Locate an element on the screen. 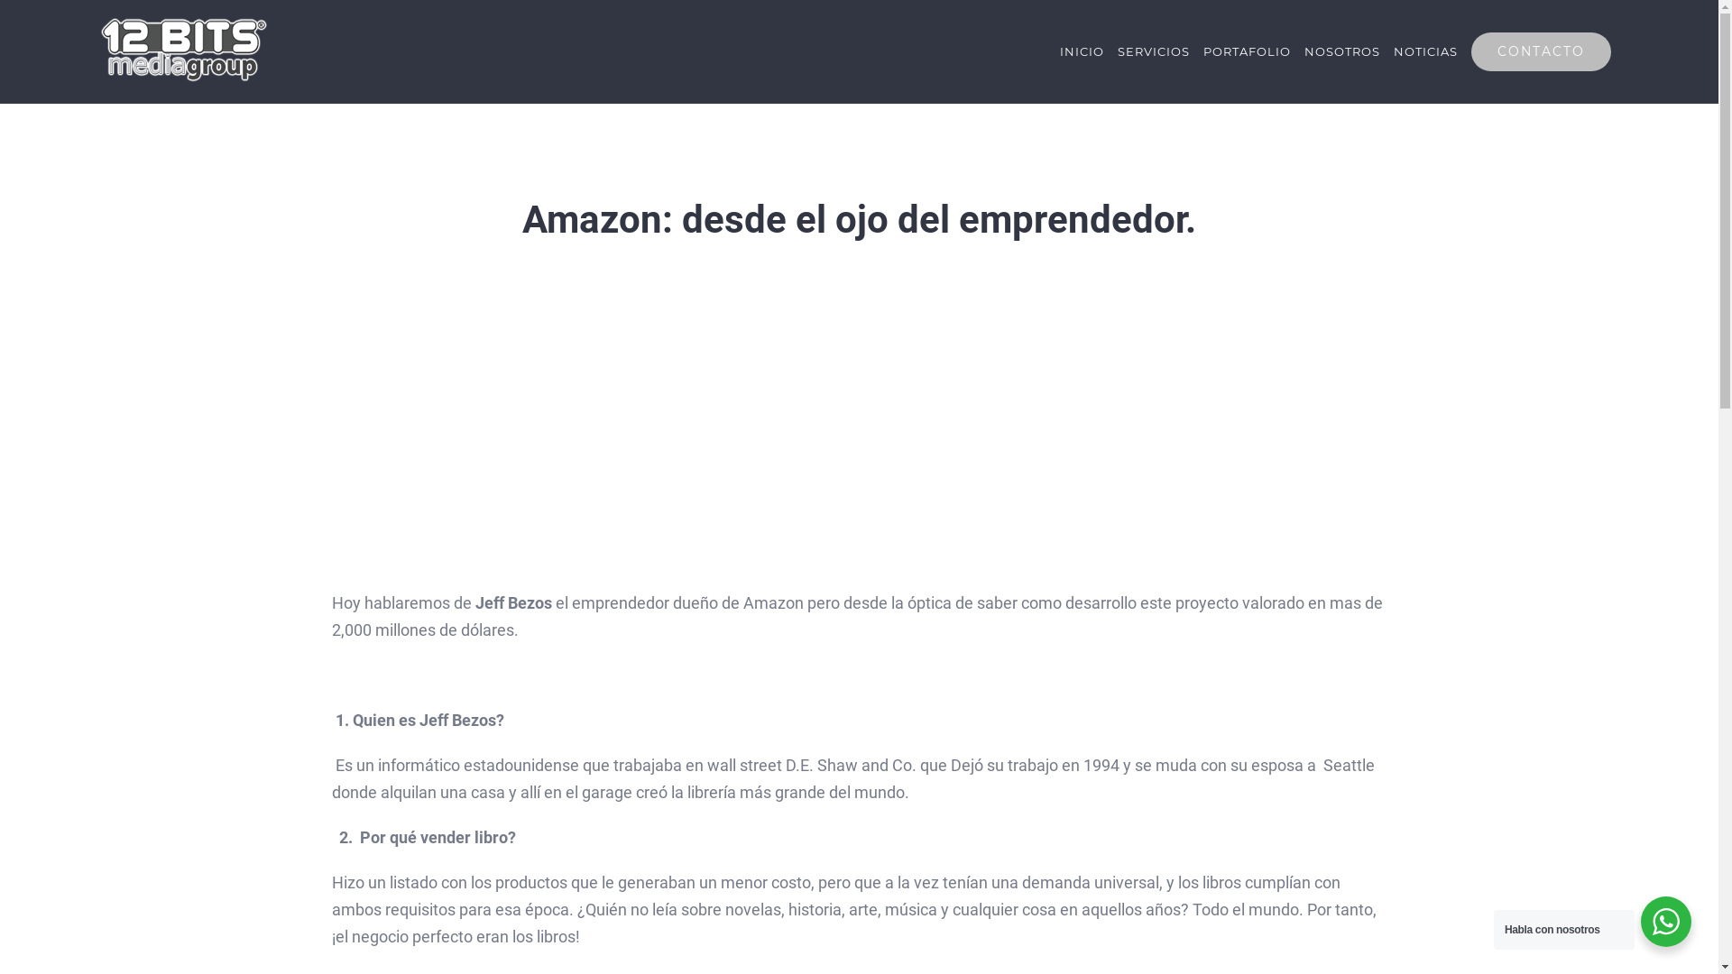 This screenshot has width=1732, height=974. 'CONTACTO' is located at coordinates (1540, 51).